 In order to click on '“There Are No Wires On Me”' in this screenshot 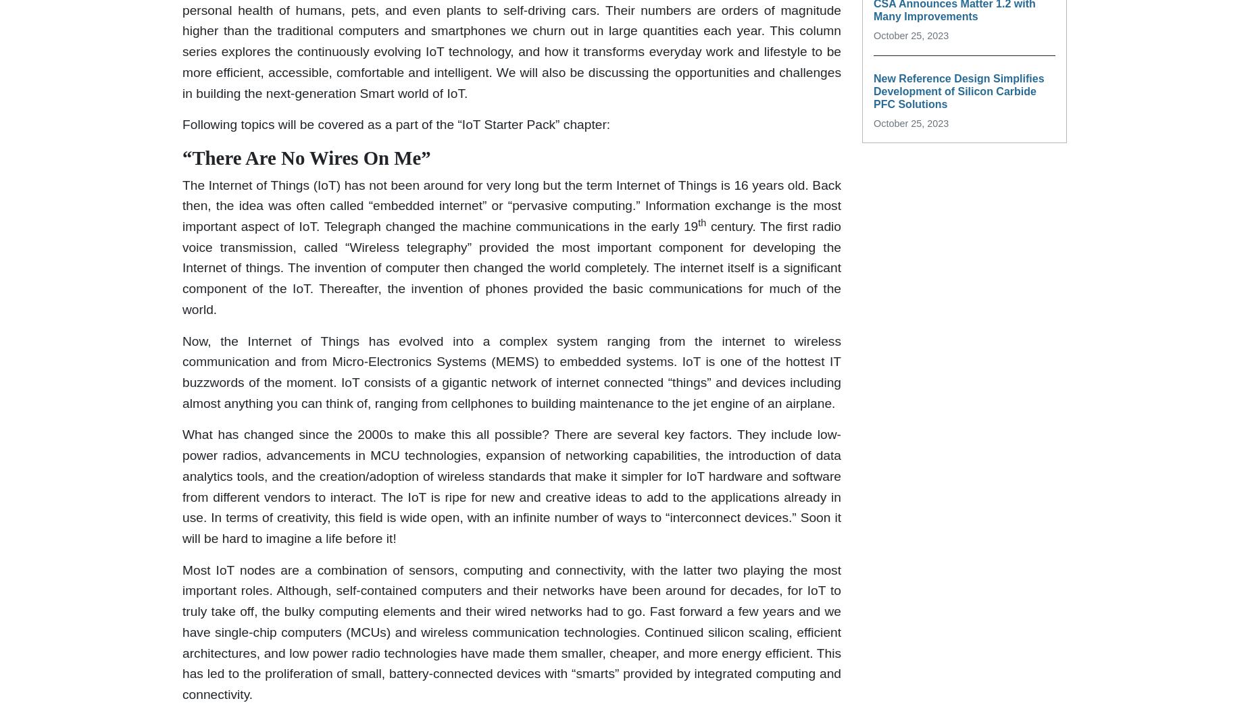, I will do `click(305, 157)`.